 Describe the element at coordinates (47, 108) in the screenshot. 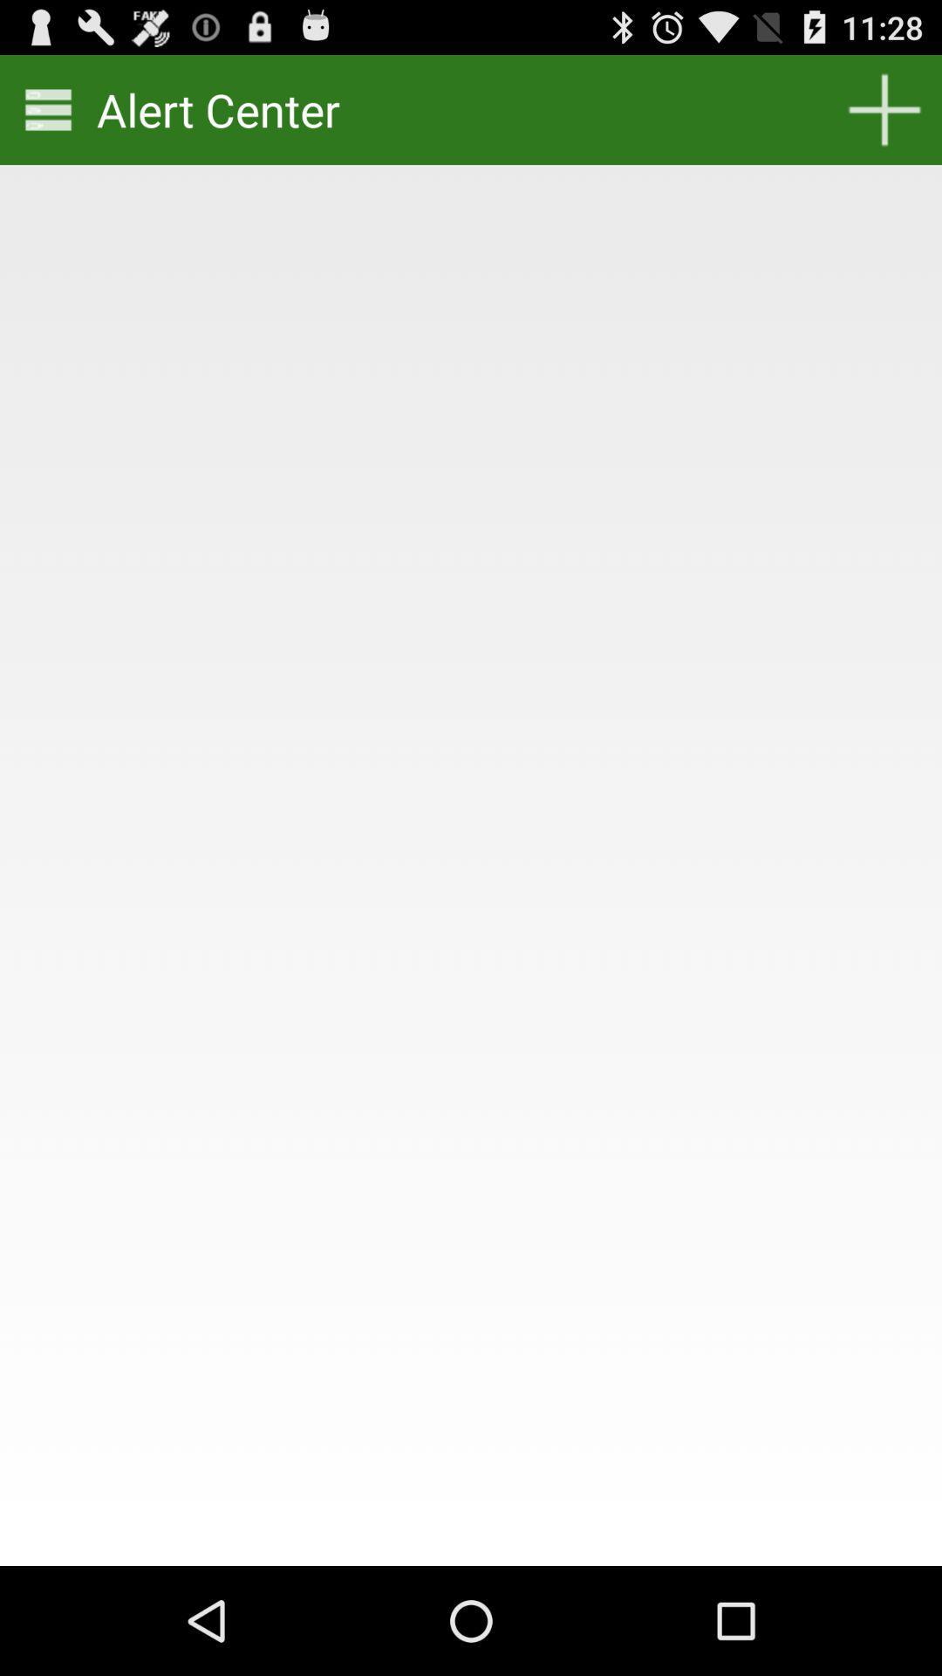

I see `the item next to the alert center app` at that location.